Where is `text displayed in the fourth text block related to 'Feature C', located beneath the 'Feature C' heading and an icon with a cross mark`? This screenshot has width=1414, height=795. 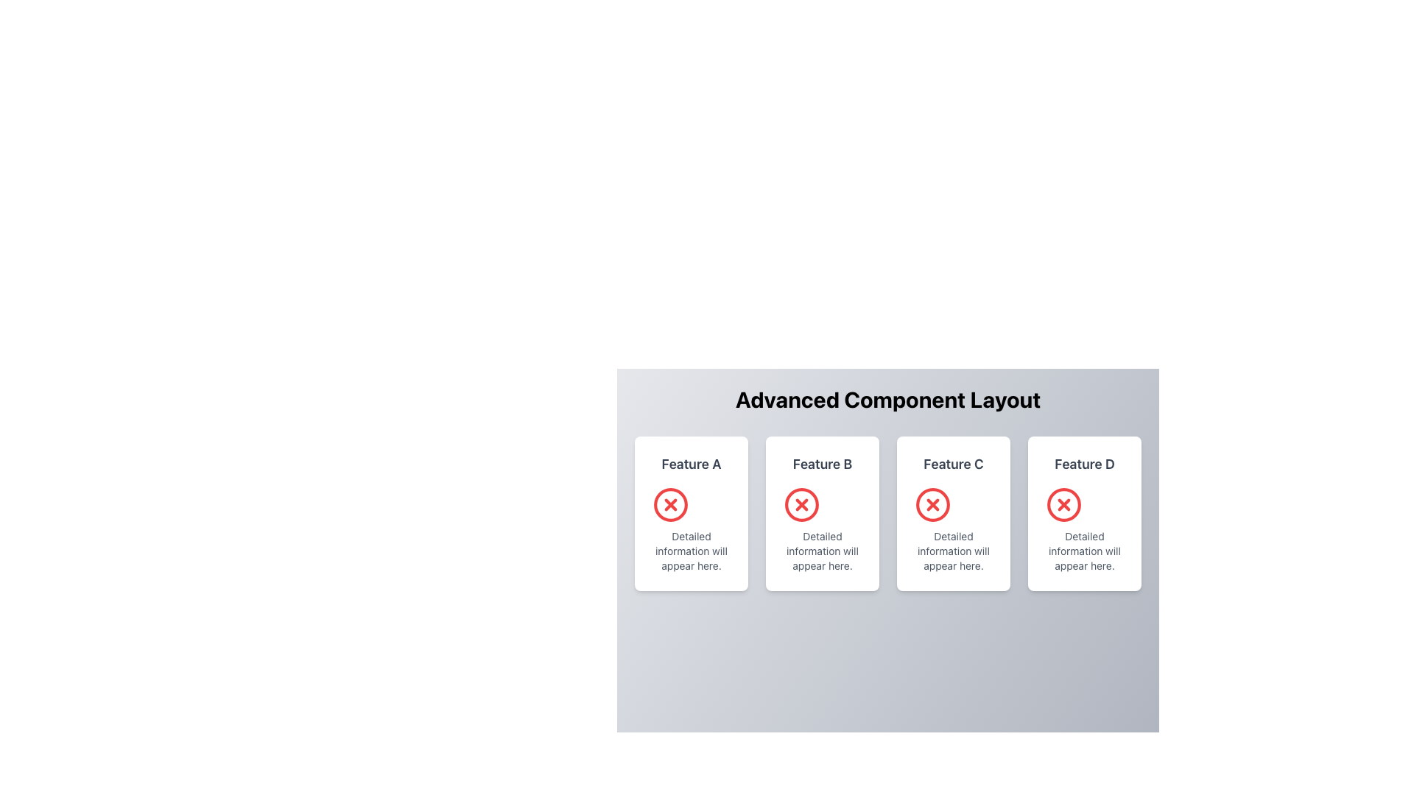
text displayed in the fourth text block related to 'Feature C', located beneath the 'Feature C' heading and an icon with a cross mark is located at coordinates (954, 551).